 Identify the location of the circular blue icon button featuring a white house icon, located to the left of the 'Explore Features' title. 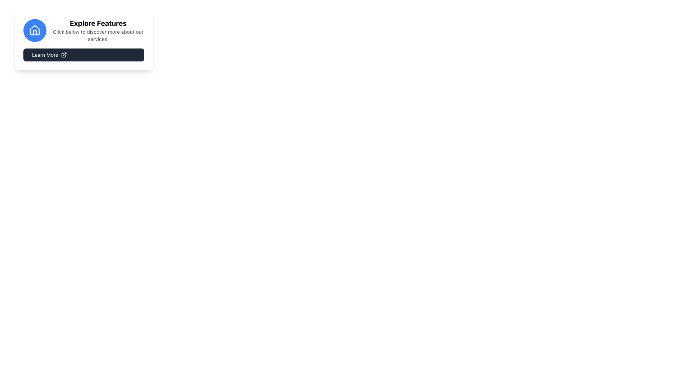
(34, 30).